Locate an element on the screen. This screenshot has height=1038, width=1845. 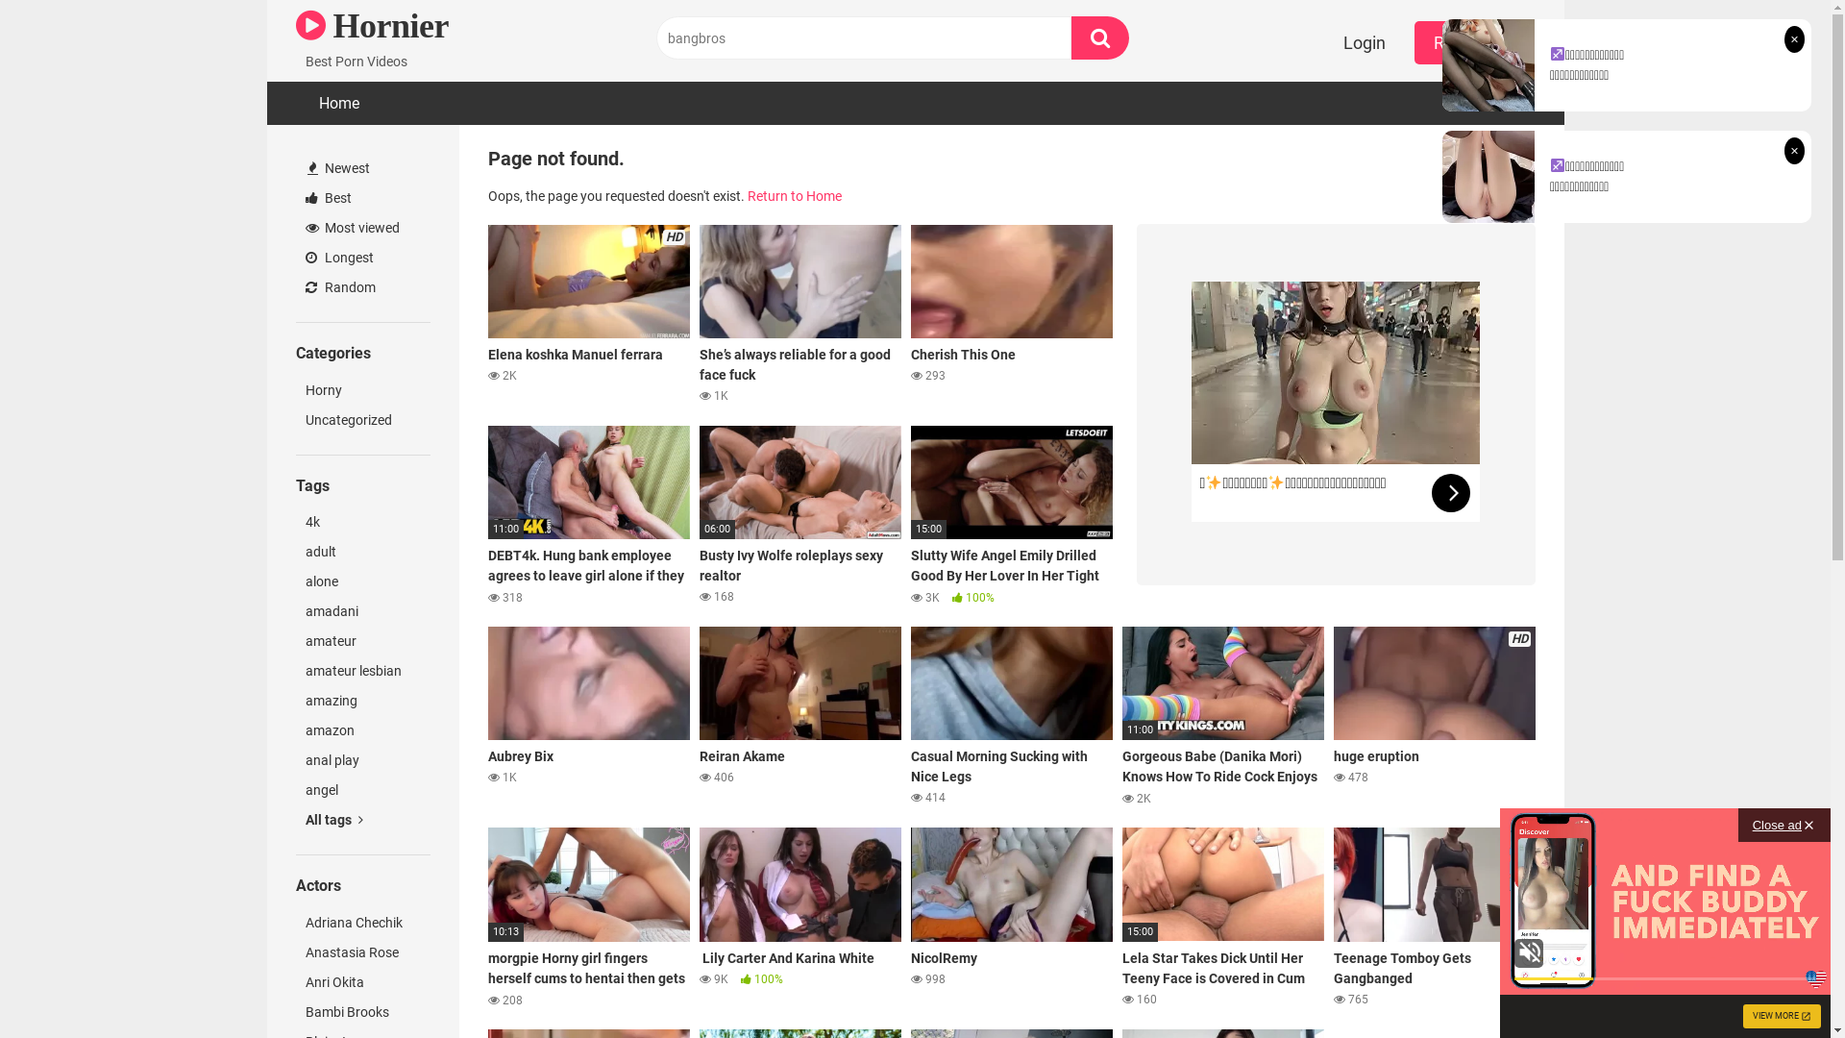
'Login' is located at coordinates (1364, 42).